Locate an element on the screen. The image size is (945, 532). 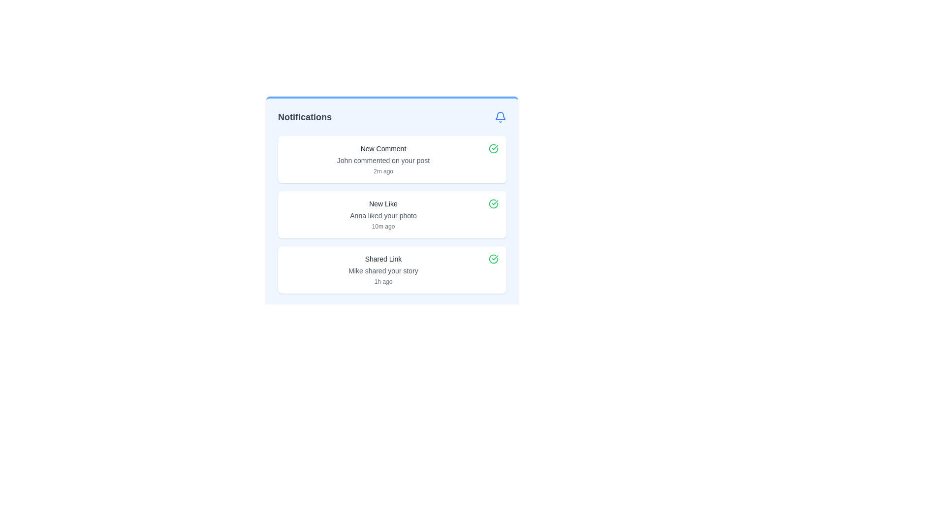
notification message titled 'New Comment' which contains details from John about a comment on your post, located at the top of the notification panel is located at coordinates (382, 159).